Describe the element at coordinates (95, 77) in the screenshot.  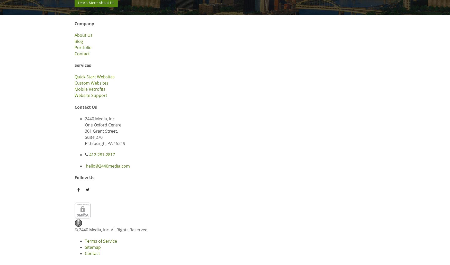
I see `'Quick Start Websites'` at that location.